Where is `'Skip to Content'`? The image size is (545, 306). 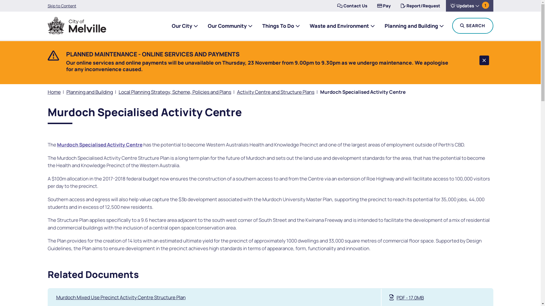
'Skip to Content' is located at coordinates (62, 6).